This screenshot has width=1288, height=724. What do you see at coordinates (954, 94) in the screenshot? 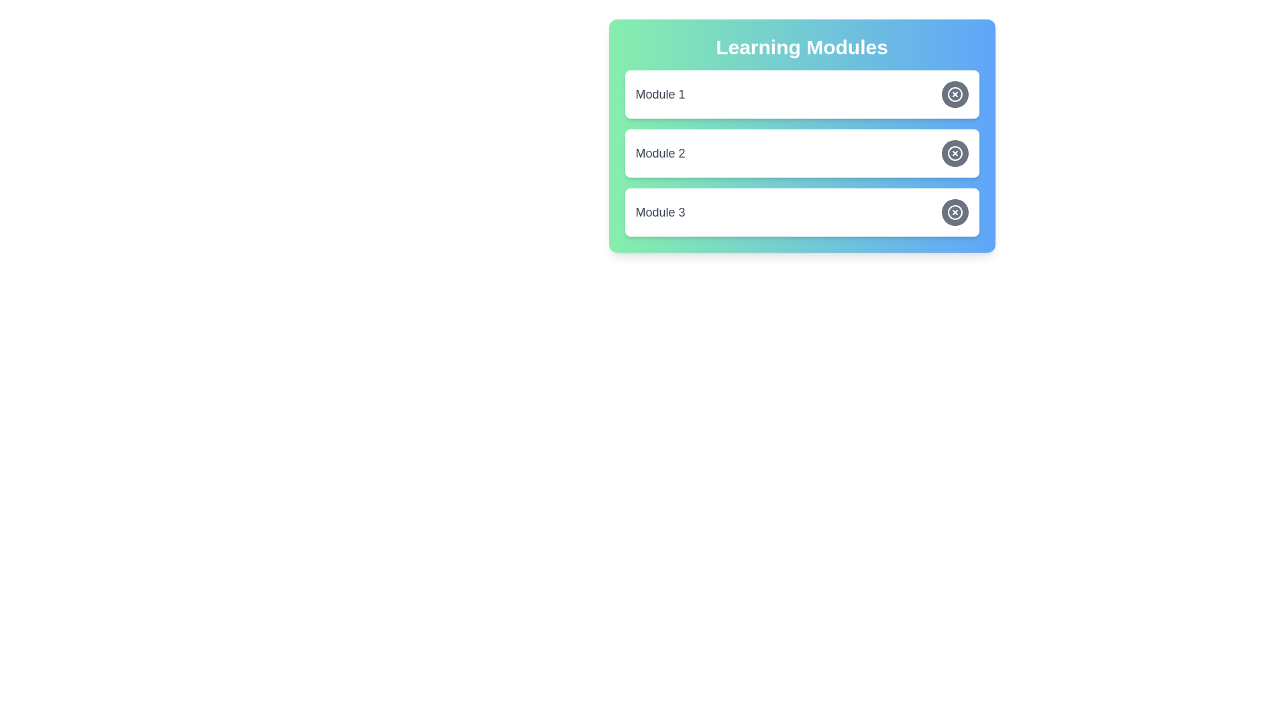
I see `the toggle button for 'Module 1' to change its state` at bounding box center [954, 94].